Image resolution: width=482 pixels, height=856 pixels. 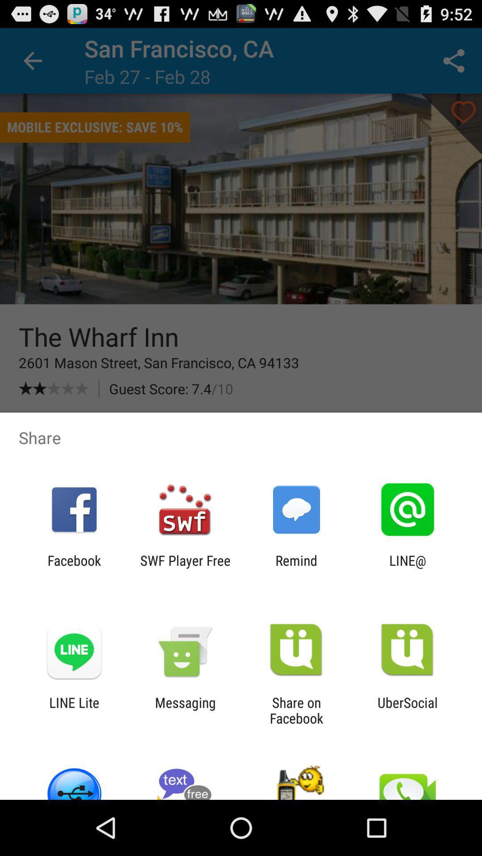 What do you see at coordinates (296, 568) in the screenshot?
I see `app to the right of the swf player free icon` at bounding box center [296, 568].